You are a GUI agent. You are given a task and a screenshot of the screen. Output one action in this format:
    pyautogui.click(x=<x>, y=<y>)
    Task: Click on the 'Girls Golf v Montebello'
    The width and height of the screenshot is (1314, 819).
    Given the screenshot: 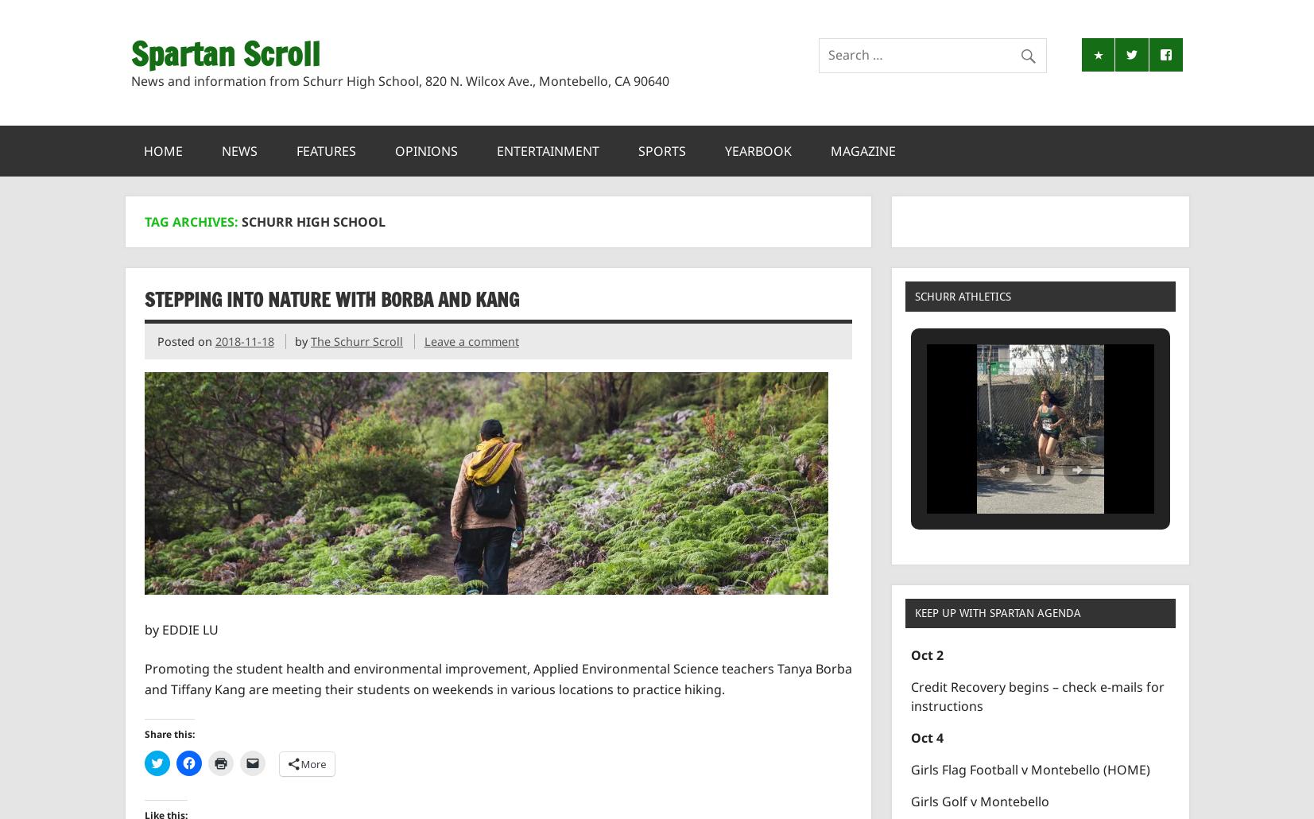 What is the action you would take?
    pyautogui.click(x=979, y=800)
    